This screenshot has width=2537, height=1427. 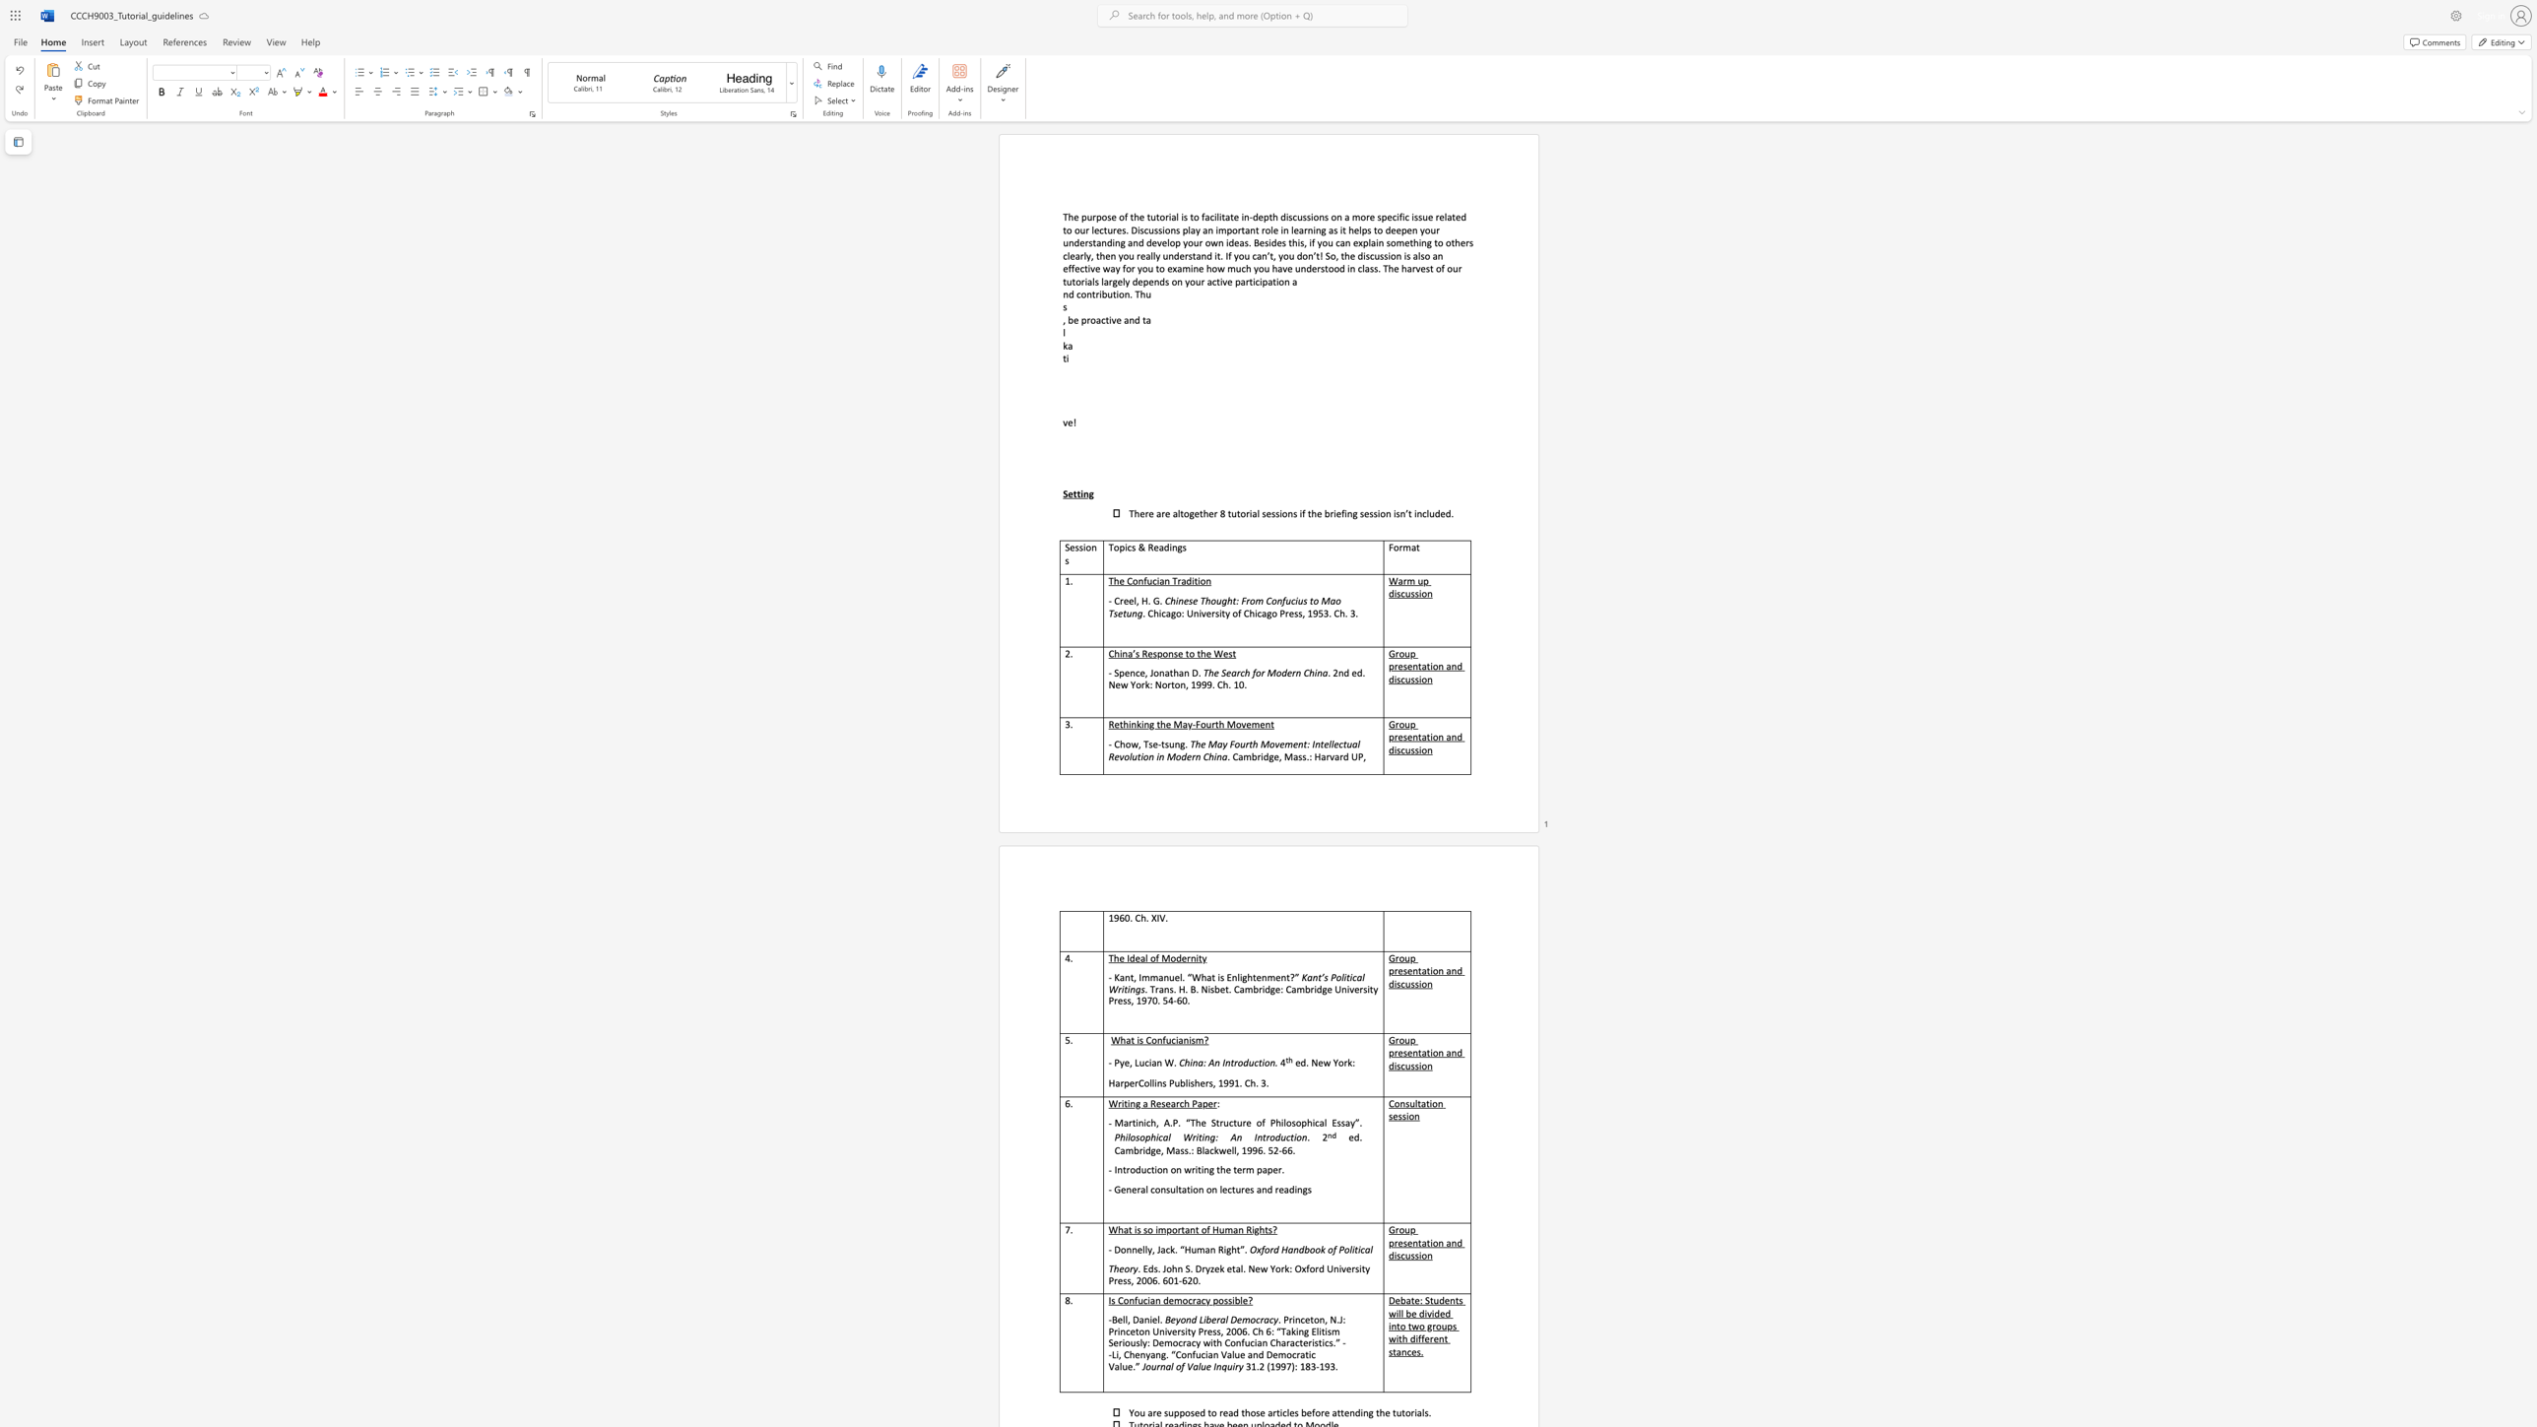 What do you see at coordinates (1181, 614) in the screenshot?
I see `the subset text ": University of Chicago Pres" within the text ". Chicago: University of Chicago Press, 1953. Ch. 3."` at bounding box center [1181, 614].